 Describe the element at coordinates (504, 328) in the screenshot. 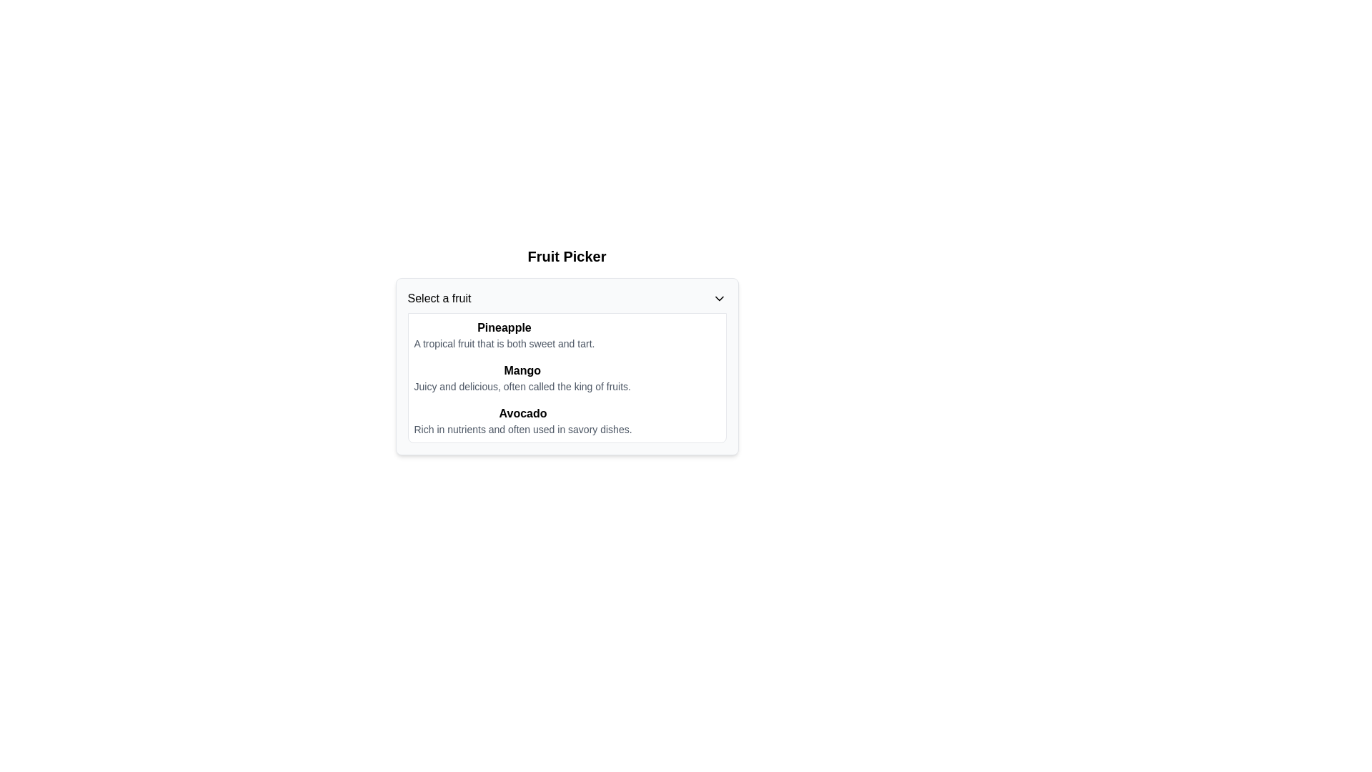

I see `text label that displays 'Pineapple', which is the first entry in the fruit categories list and styled in bold font` at that location.